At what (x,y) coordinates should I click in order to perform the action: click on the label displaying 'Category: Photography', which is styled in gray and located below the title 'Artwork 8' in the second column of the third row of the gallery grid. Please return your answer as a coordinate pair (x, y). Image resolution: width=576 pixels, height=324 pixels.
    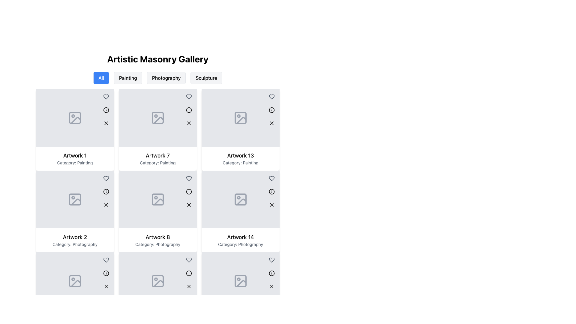
    Looking at the image, I should click on (158, 244).